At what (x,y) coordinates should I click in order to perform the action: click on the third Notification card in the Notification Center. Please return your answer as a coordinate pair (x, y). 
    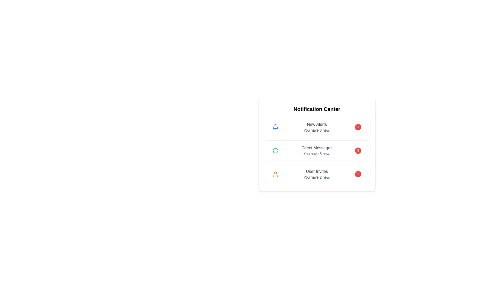
    Looking at the image, I should click on (317, 174).